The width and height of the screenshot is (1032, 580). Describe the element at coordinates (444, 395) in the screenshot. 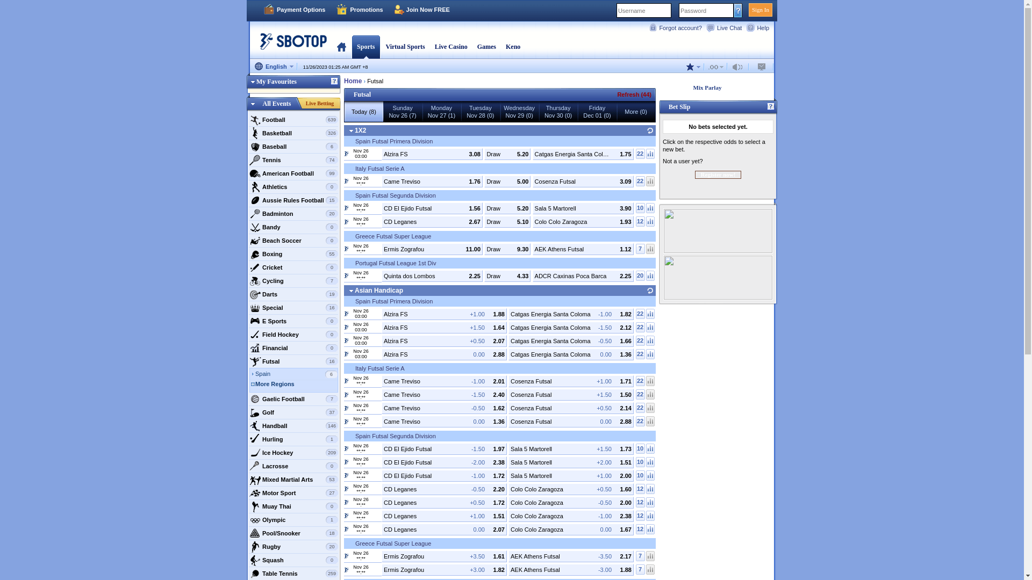

I see `'2.40` at that location.